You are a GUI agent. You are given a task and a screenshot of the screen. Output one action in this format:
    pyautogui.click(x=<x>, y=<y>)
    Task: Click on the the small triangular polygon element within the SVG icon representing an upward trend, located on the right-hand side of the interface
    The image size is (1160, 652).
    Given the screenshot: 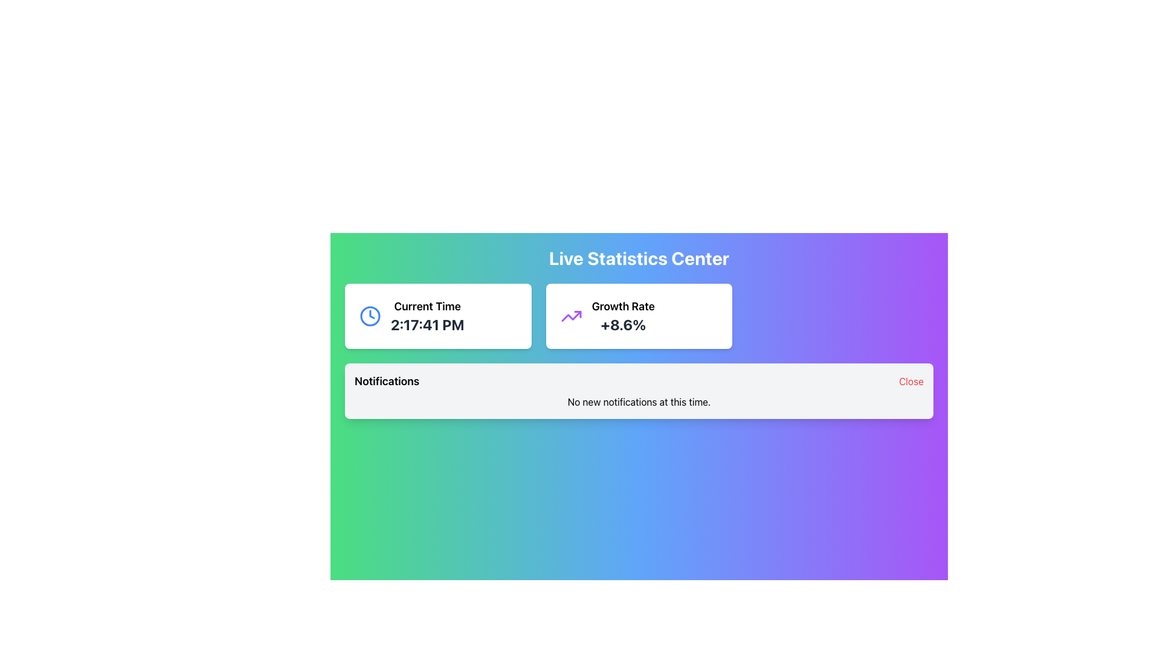 What is the action you would take?
    pyautogui.click(x=577, y=313)
    